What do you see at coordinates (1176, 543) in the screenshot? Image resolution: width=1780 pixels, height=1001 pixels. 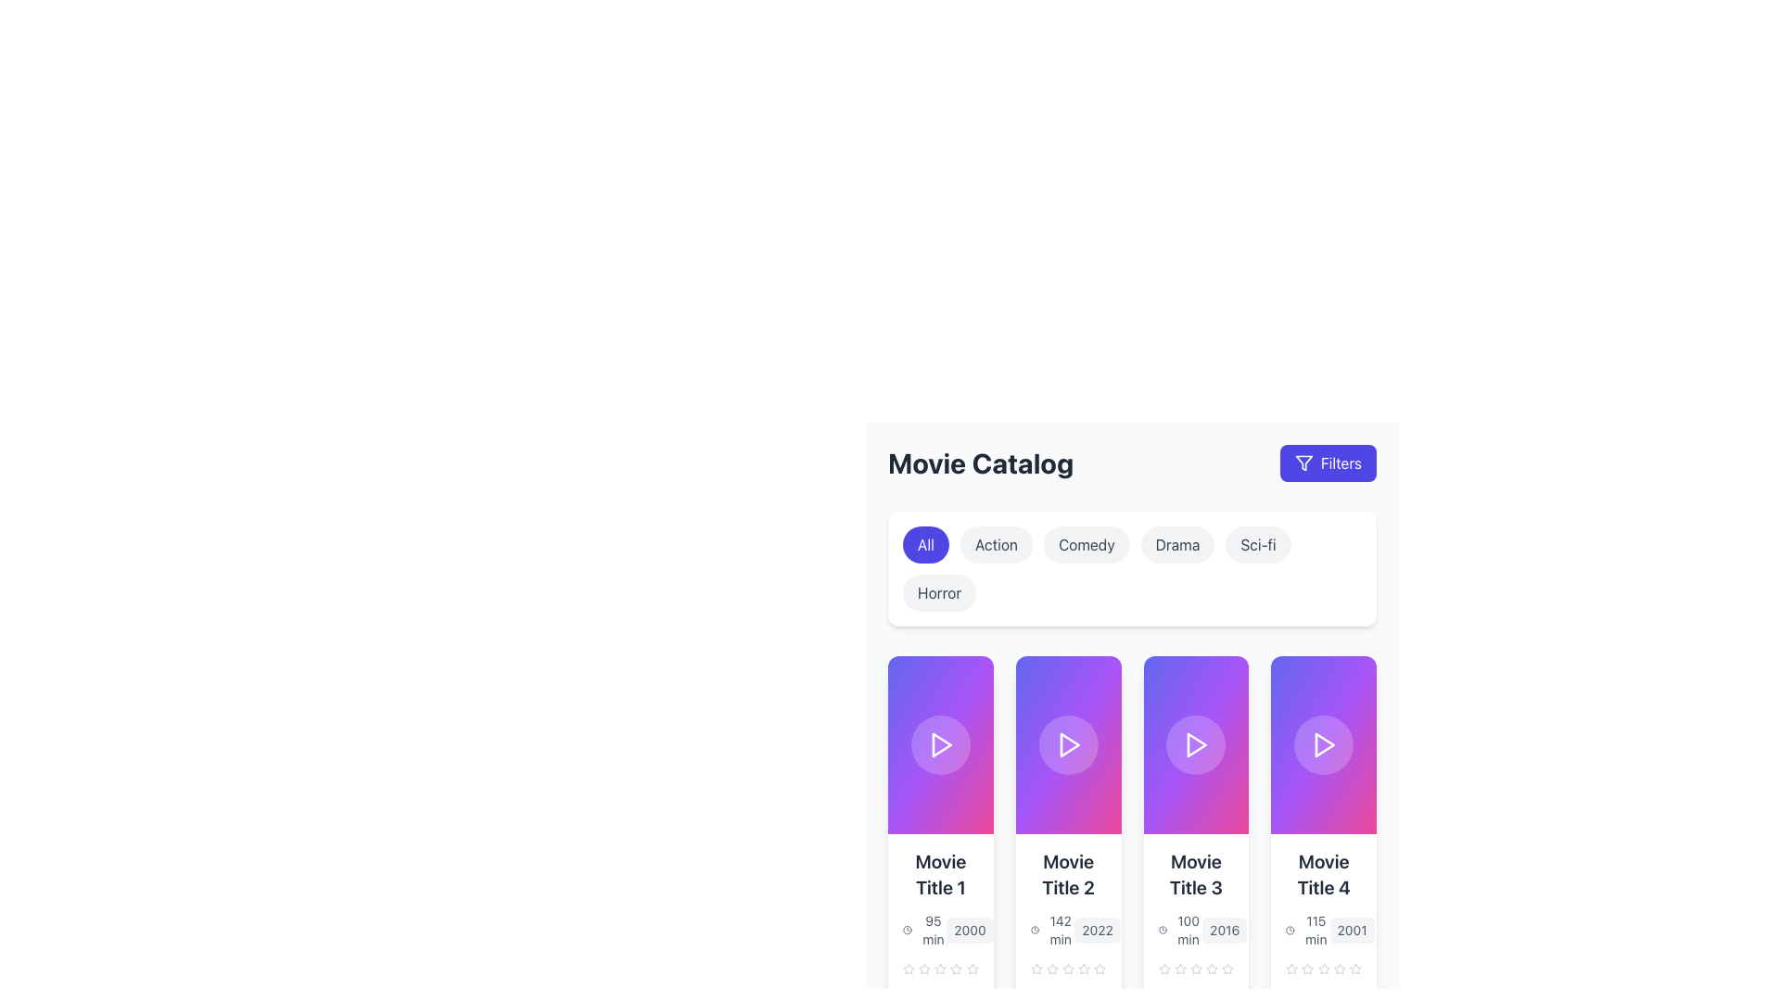 I see `the 'Drama' button, which is a rounded, pill-shaped button with dark gray text on a light gray background, to filter the movie catalog by Drama` at bounding box center [1176, 543].